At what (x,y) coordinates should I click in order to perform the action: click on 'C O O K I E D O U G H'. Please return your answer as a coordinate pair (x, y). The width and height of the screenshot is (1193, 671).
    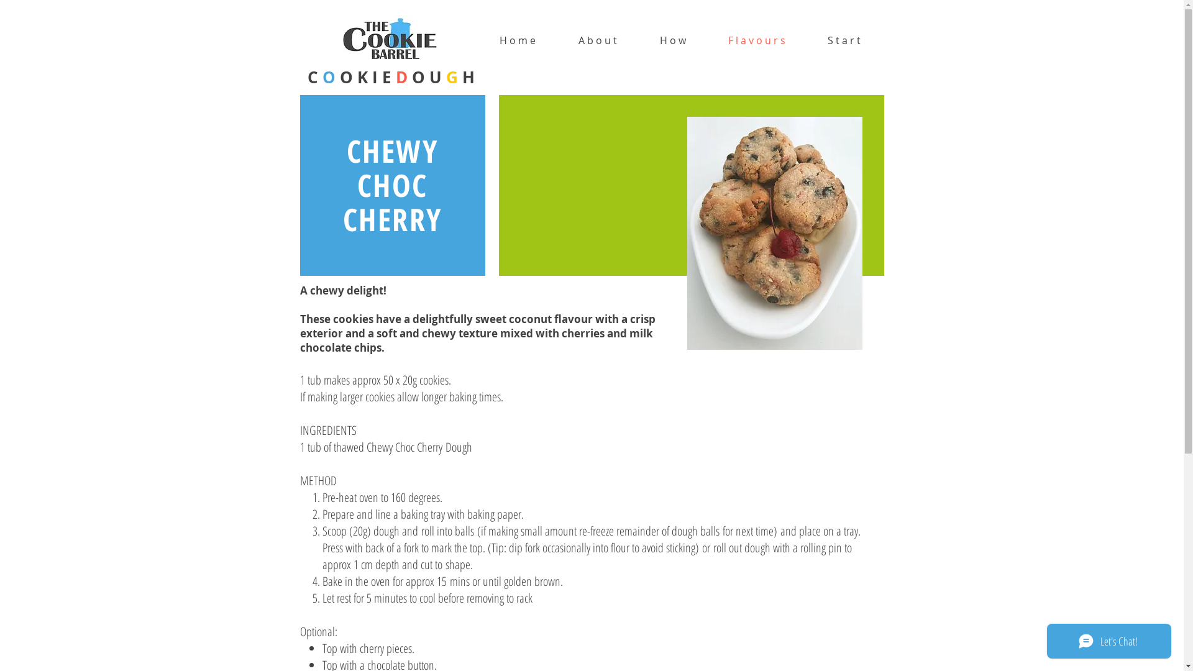
    Looking at the image, I should click on (390, 76).